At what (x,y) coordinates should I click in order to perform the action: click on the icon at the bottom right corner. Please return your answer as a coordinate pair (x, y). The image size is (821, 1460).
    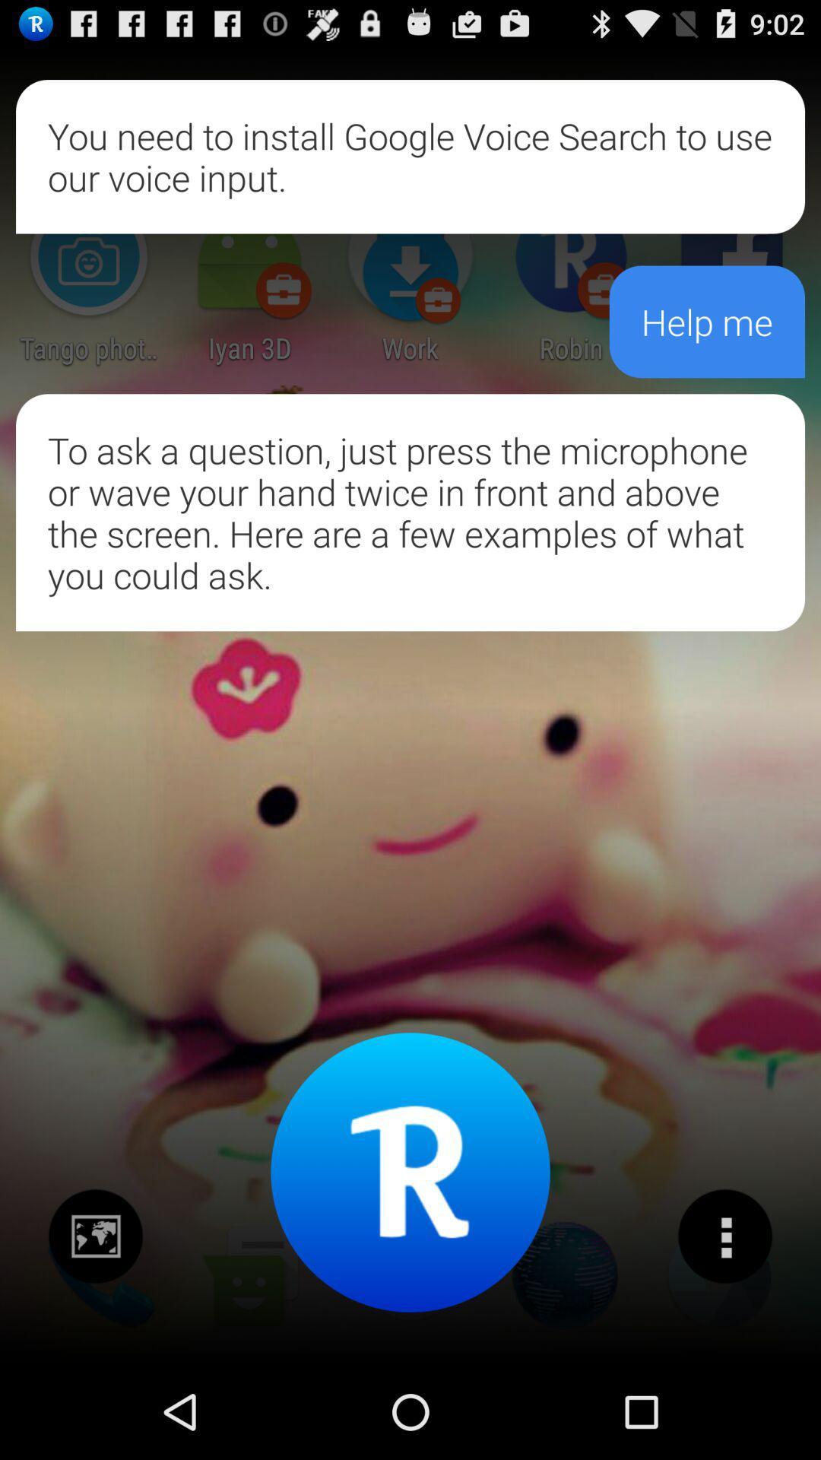
    Looking at the image, I should click on (724, 1236).